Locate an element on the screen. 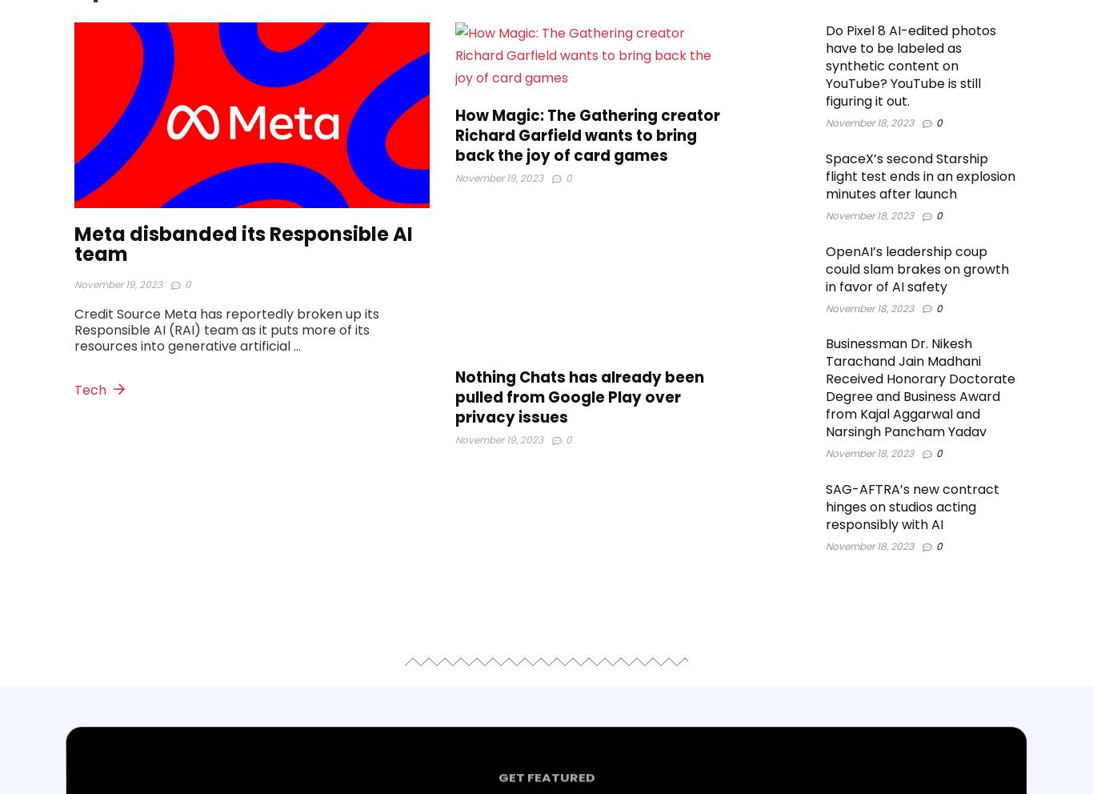 This screenshot has width=1093, height=794. 'Meta disbanded its Responsible AI team' is located at coordinates (243, 244).